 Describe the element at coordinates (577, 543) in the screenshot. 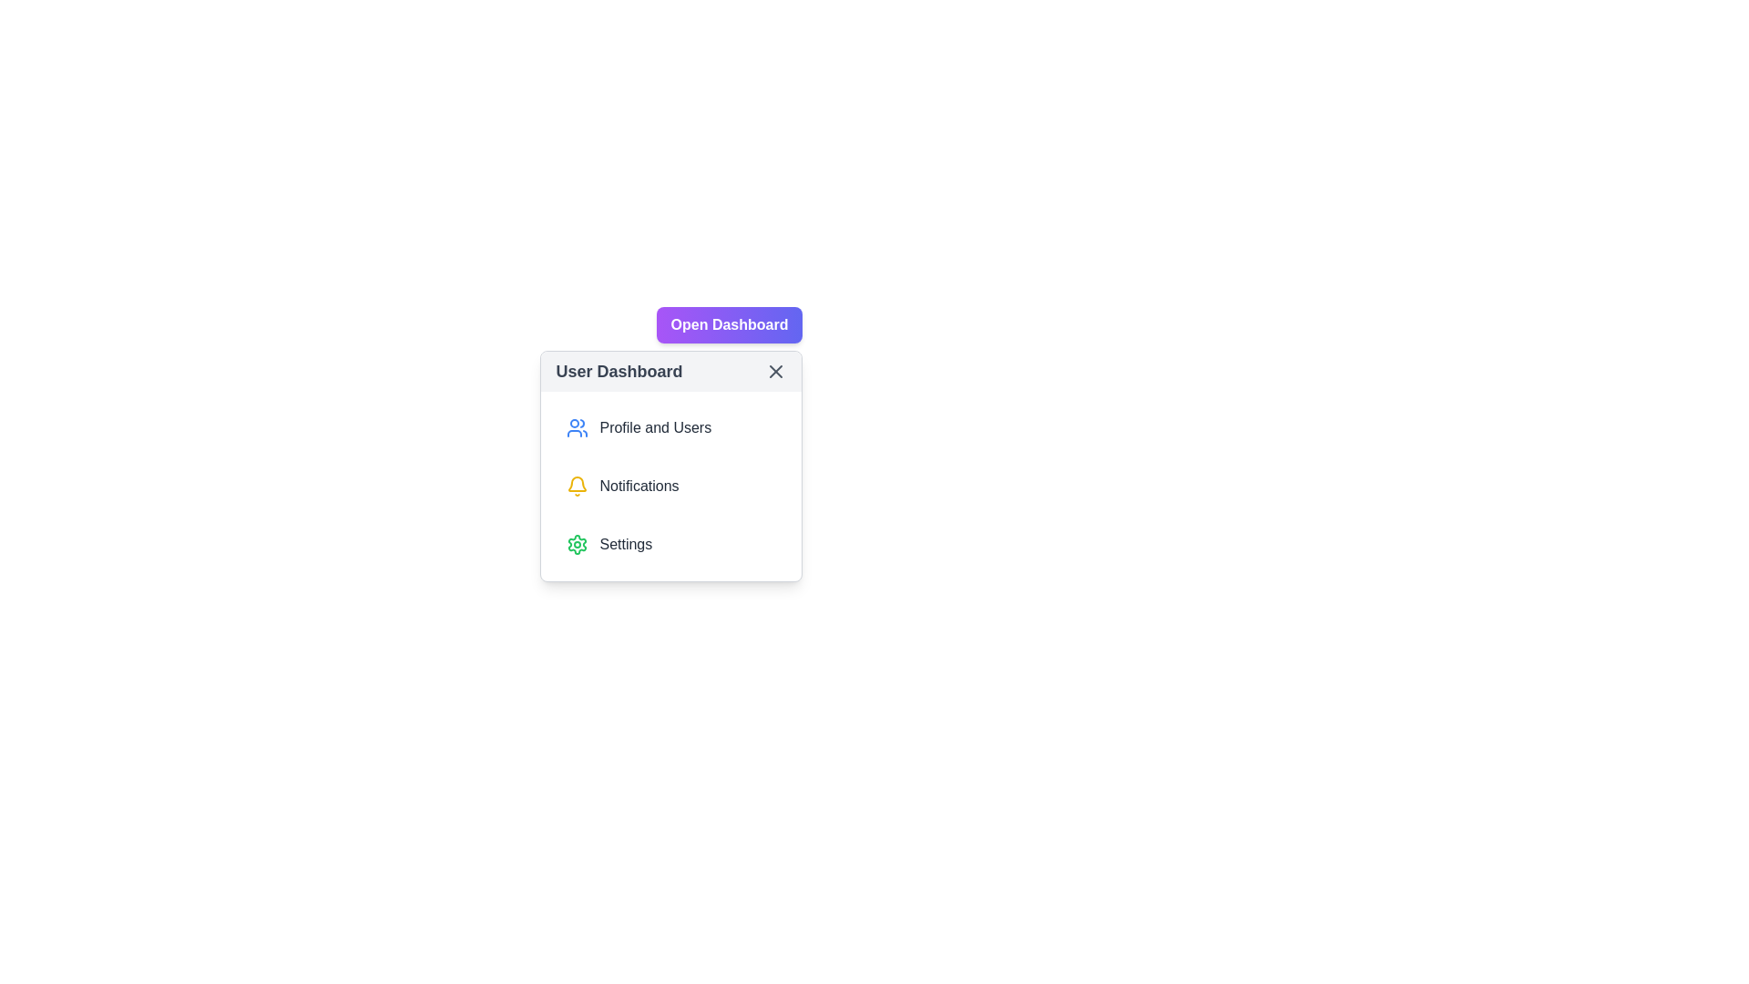

I see `the 'Settings' icon located at the leftmost side of the 'Settings' option within the drop-down menu labeled 'User Dashboard'` at that location.